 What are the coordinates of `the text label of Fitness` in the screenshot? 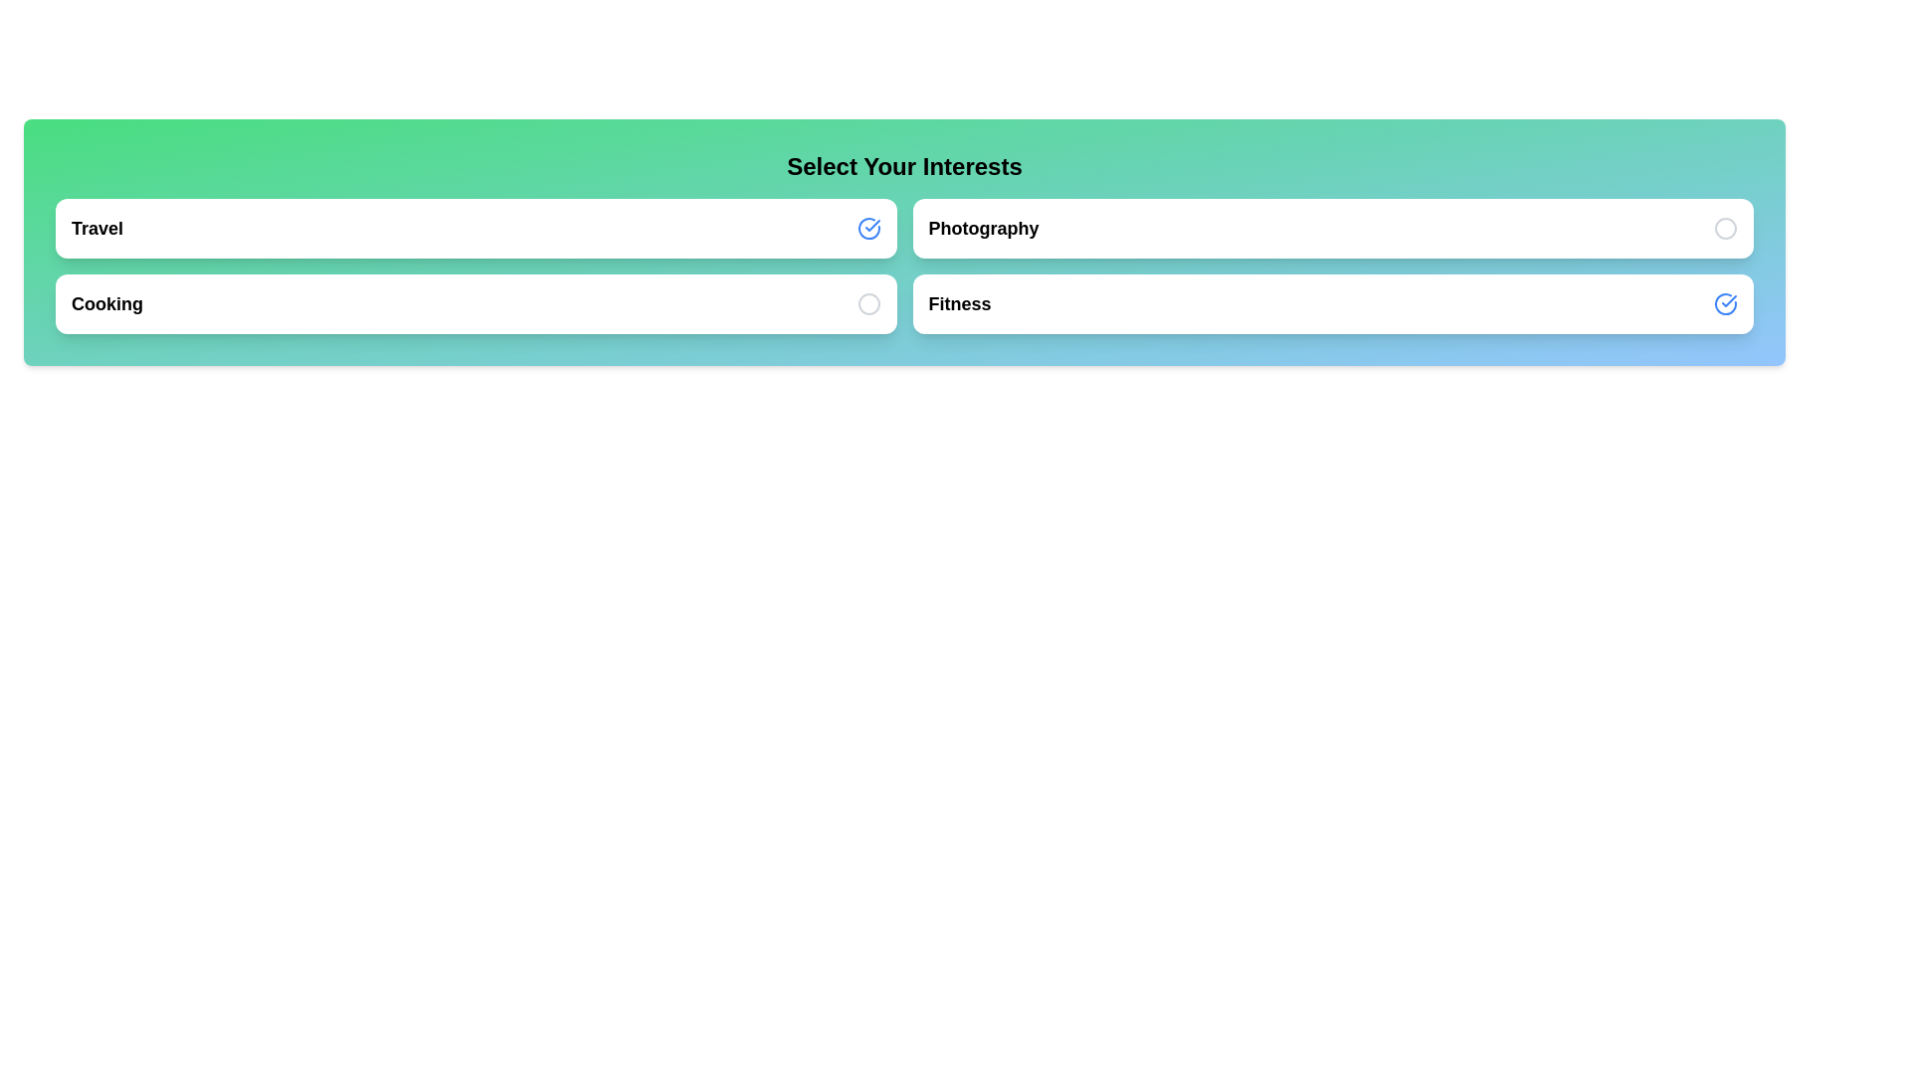 It's located at (959, 303).